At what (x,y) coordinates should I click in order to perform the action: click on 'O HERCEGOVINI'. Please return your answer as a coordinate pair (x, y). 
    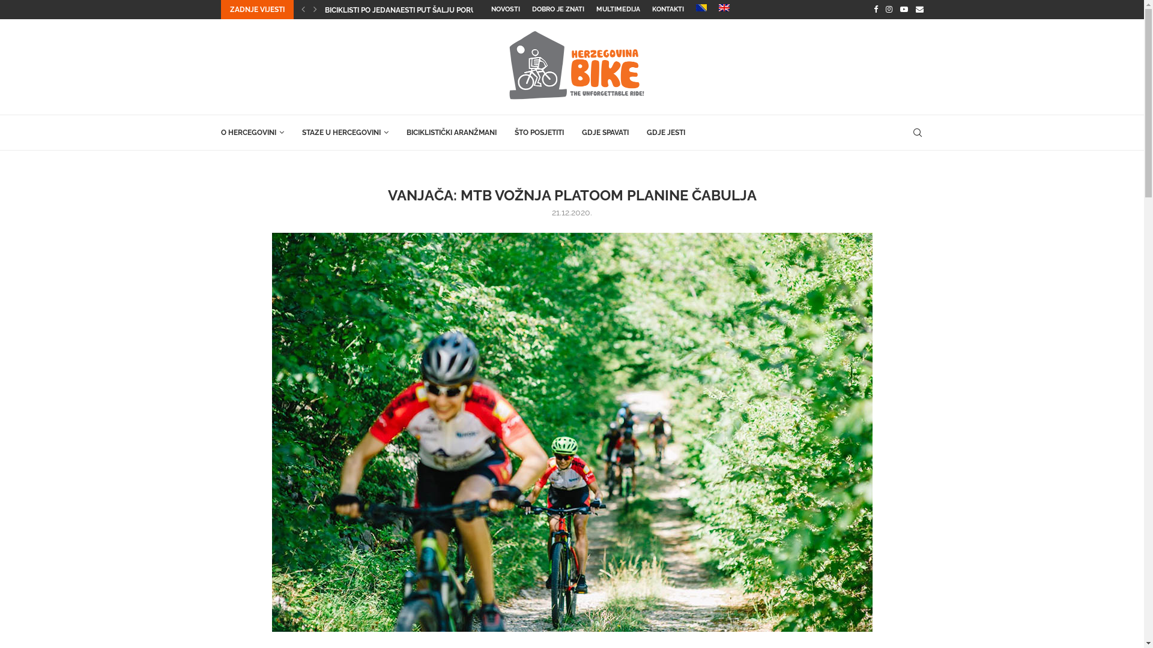
    Looking at the image, I should click on (252, 132).